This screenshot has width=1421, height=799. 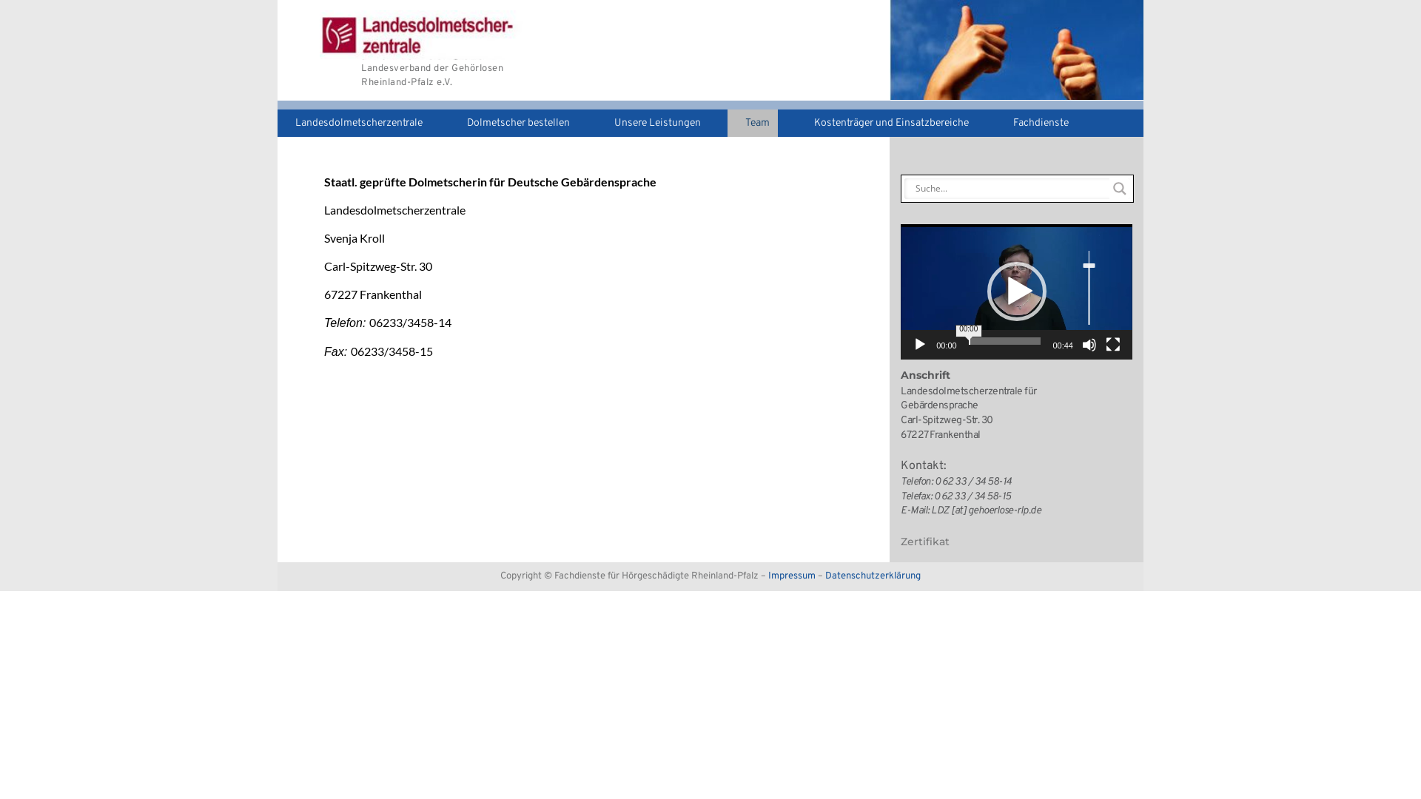 What do you see at coordinates (652, 122) in the screenshot?
I see `'Unsere Leistungen'` at bounding box center [652, 122].